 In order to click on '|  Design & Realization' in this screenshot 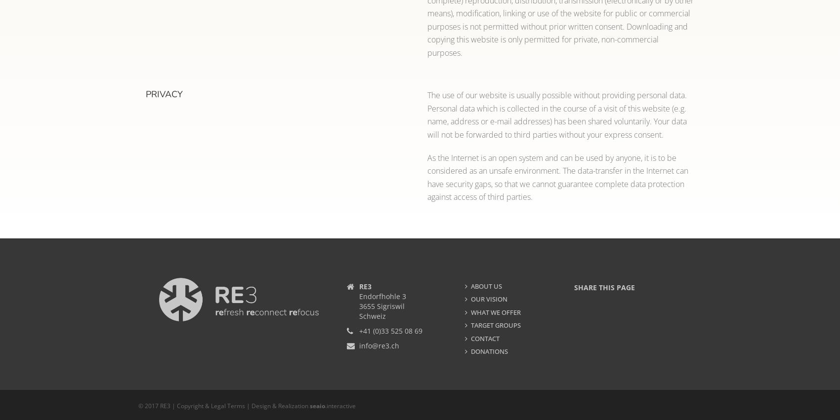, I will do `click(245, 406)`.